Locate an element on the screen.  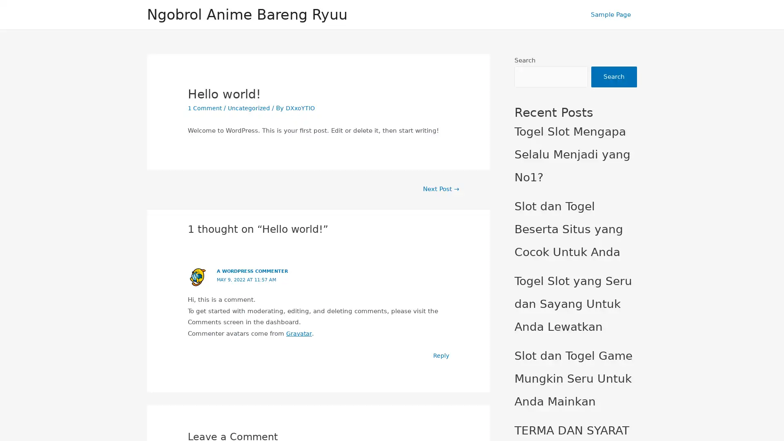
Search is located at coordinates (614, 77).